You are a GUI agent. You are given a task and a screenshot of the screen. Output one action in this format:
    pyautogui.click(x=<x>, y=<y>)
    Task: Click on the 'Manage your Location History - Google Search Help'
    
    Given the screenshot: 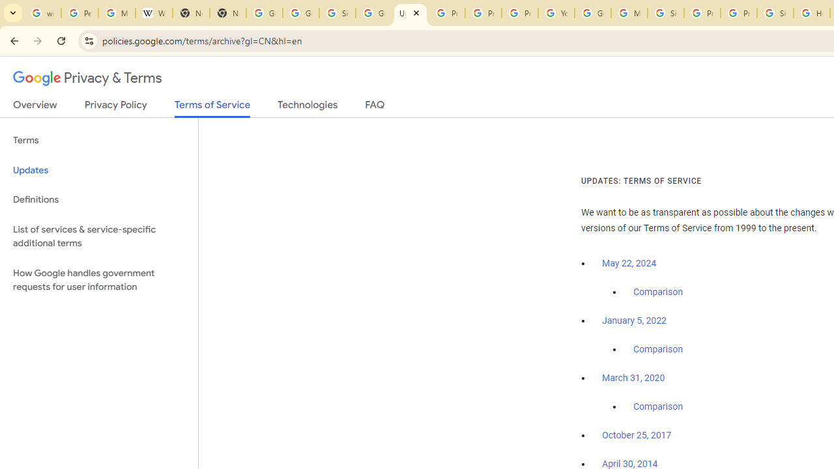 What is the action you would take?
    pyautogui.click(x=117, y=13)
    